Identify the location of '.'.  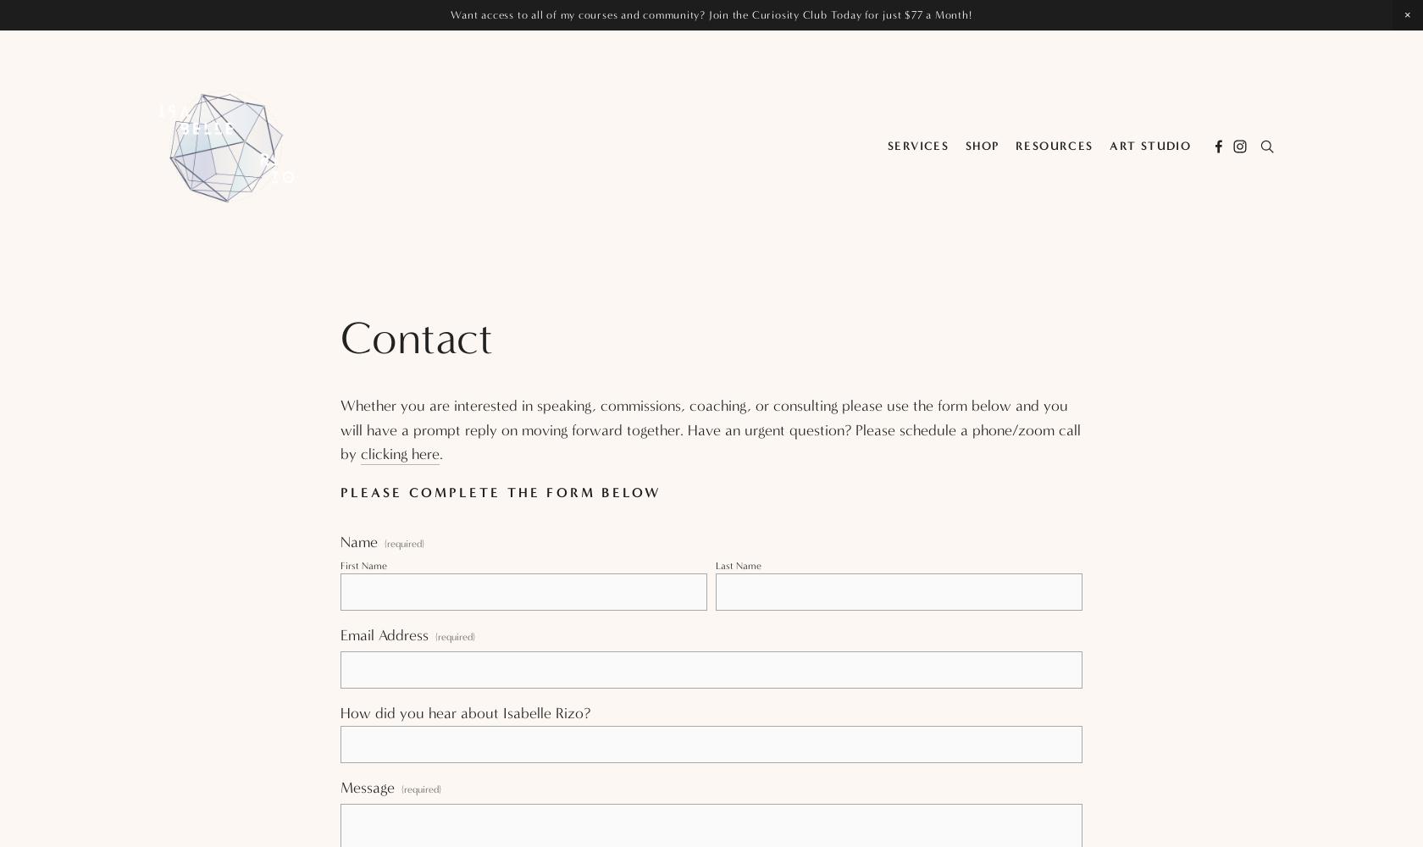
(440, 454).